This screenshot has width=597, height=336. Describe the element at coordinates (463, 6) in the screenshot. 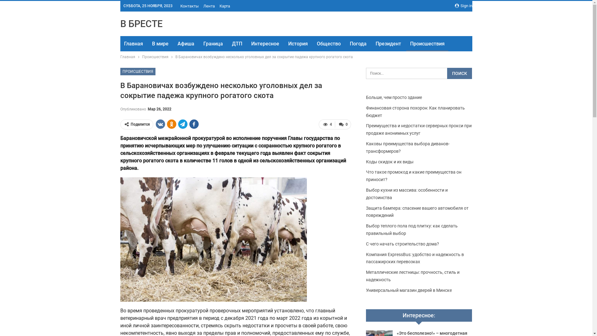

I see `'Sign in'` at that location.